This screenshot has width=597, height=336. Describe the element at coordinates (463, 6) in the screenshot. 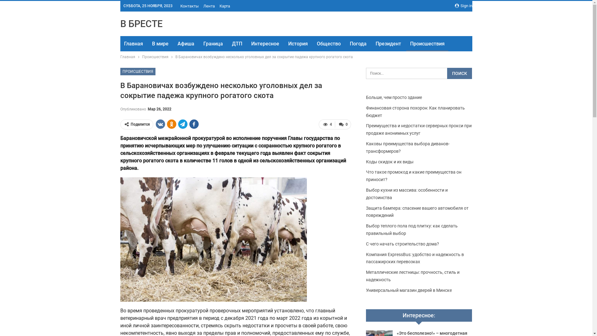

I see `'Sign in'` at that location.